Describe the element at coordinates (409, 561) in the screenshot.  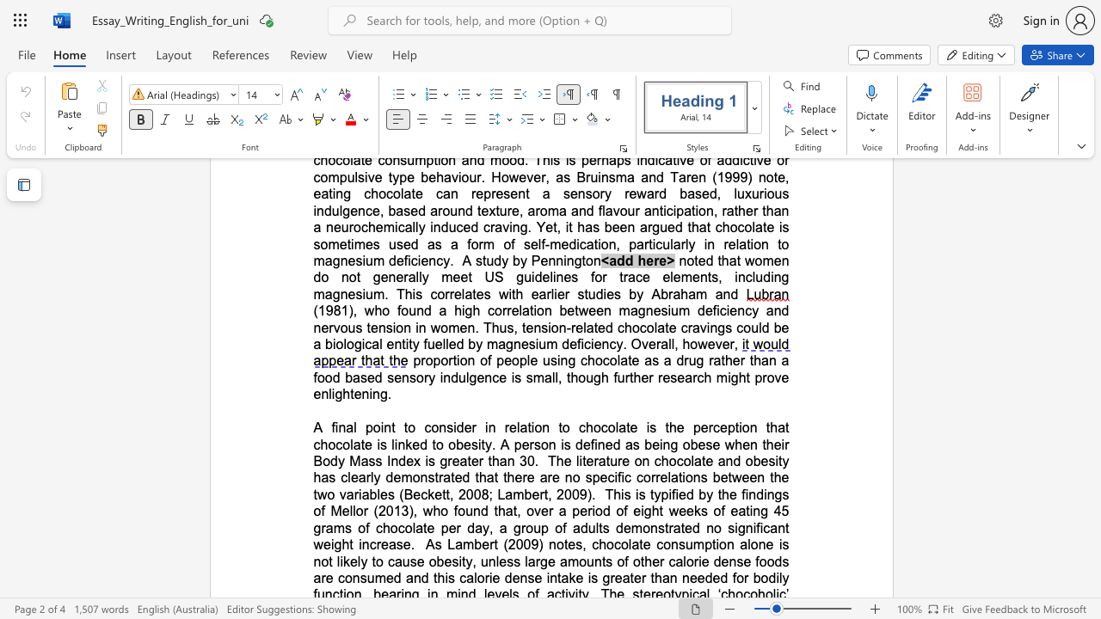
I see `the subset text "se obesity, unless" within the text "As Lambert (2009) notes, chocolate consumption alone is not likely to cause obesity, unless"` at that location.